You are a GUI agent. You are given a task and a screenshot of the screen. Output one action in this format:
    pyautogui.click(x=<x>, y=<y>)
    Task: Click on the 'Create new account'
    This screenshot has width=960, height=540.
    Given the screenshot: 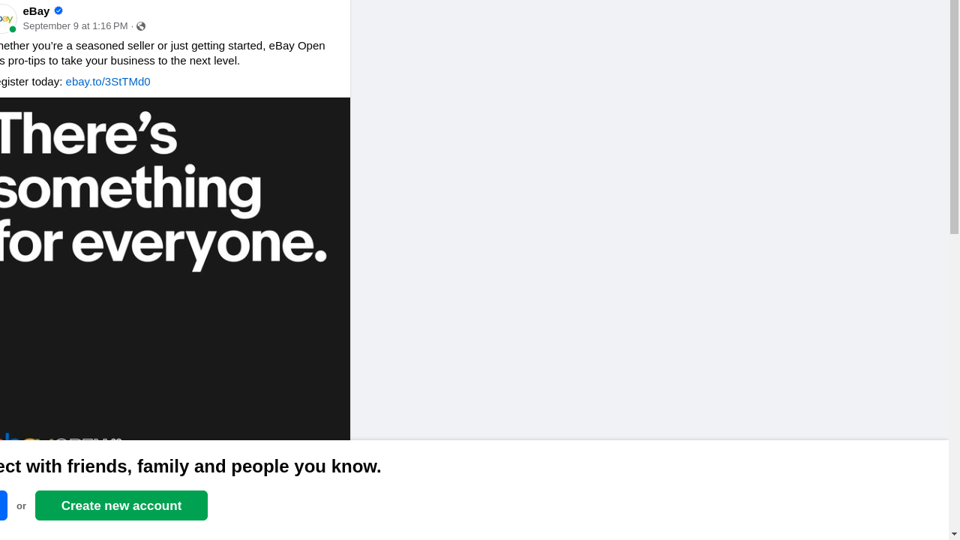 What is the action you would take?
    pyautogui.click(x=121, y=505)
    